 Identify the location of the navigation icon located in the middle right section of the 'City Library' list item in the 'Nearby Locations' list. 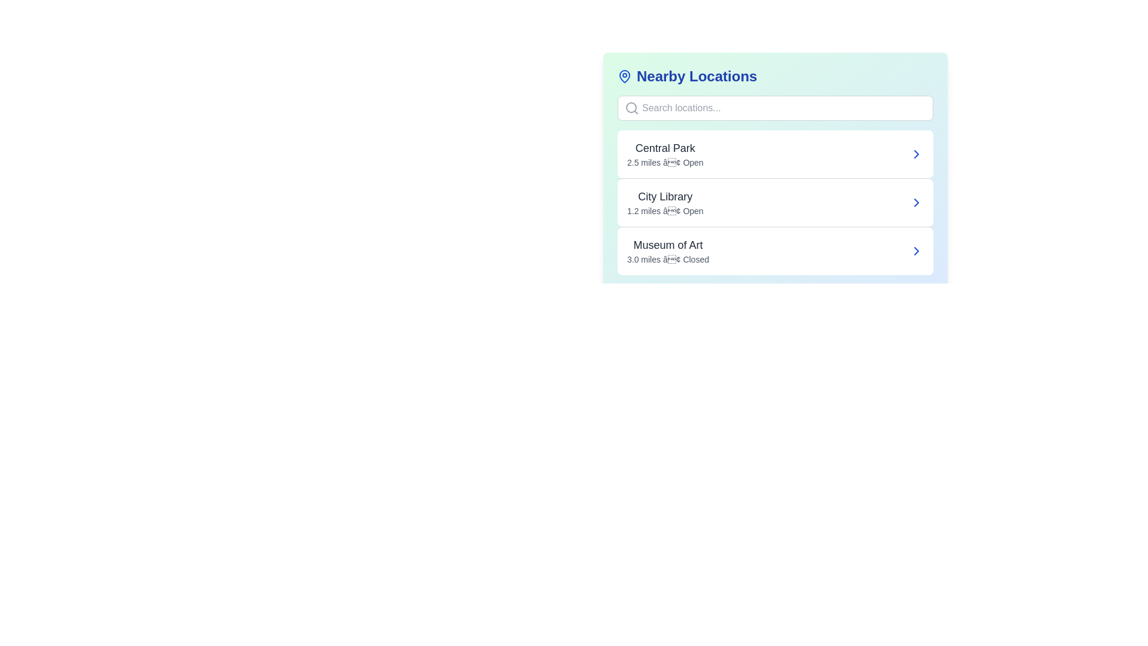
(915, 202).